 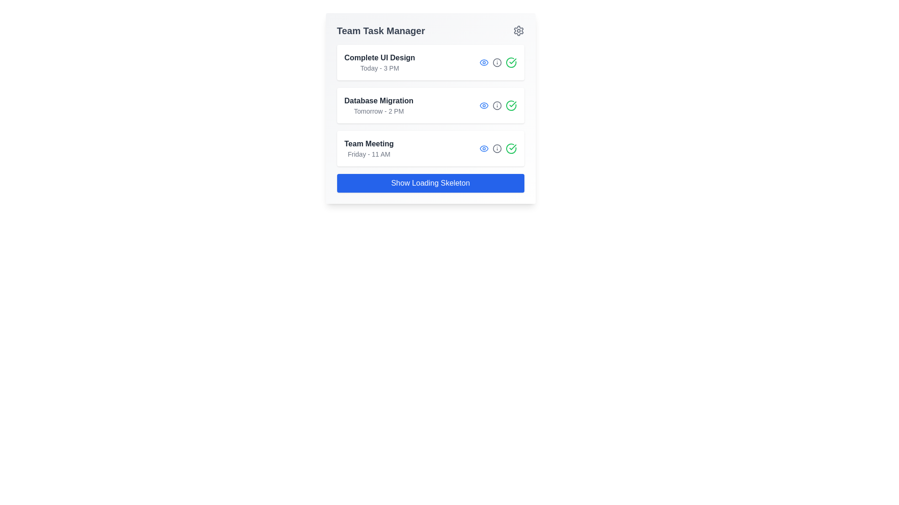 I want to click on the icons associated with the list item containing 'Database Migration' in the 'Team Task Manager' section, so click(x=430, y=105).